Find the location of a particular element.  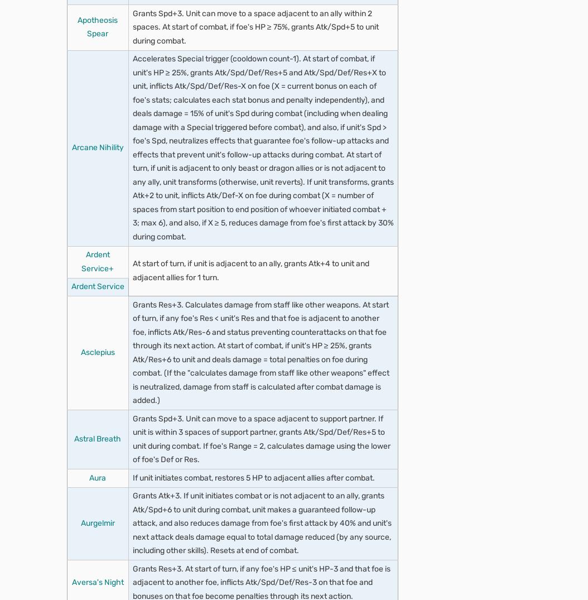

'【Null Panic】' is located at coordinates (170, 513).